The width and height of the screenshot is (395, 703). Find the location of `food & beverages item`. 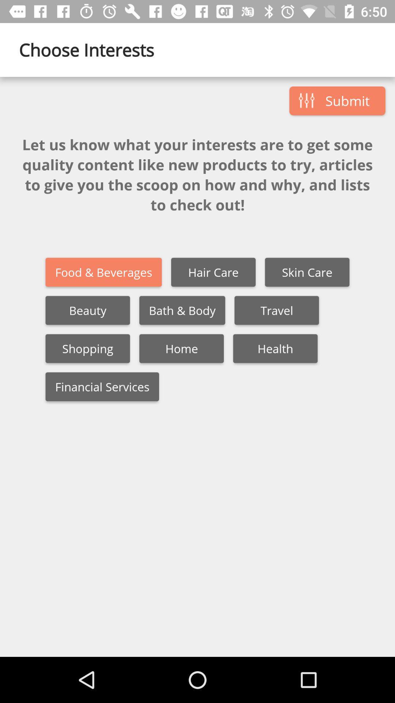

food & beverages item is located at coordinates (104, 272).